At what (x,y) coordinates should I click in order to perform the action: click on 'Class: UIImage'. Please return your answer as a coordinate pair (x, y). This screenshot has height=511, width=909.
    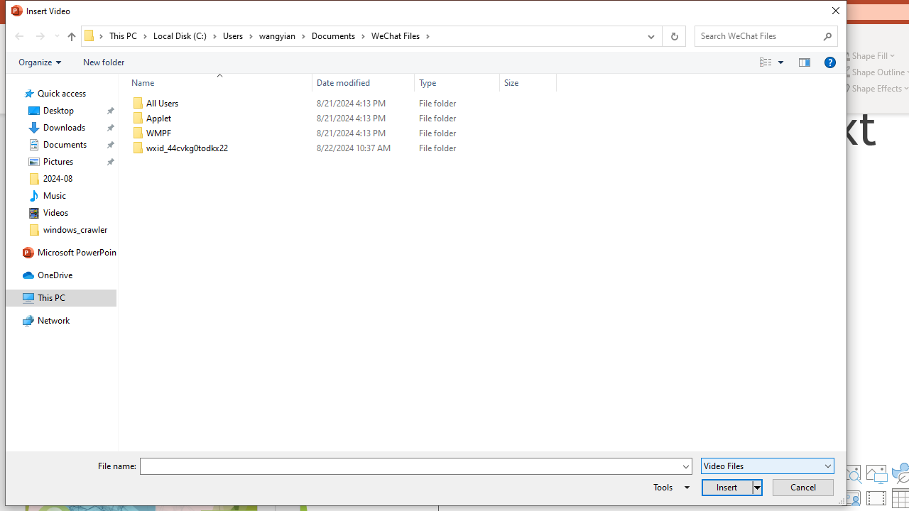
    Looking at the image, I should click on (138, 148).